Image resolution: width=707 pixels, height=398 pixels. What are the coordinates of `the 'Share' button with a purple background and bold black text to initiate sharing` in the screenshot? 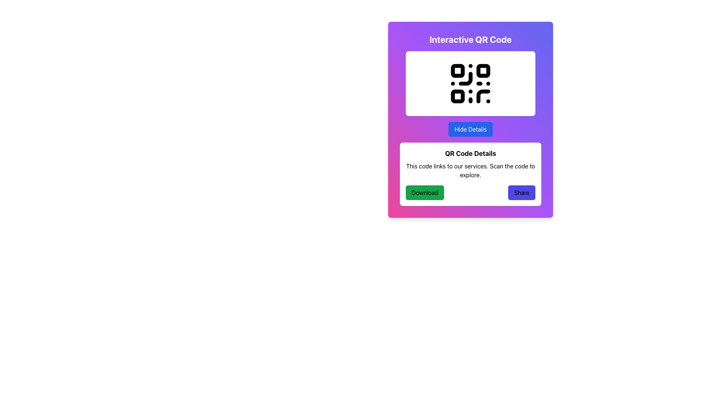 It's located at (521, 192).